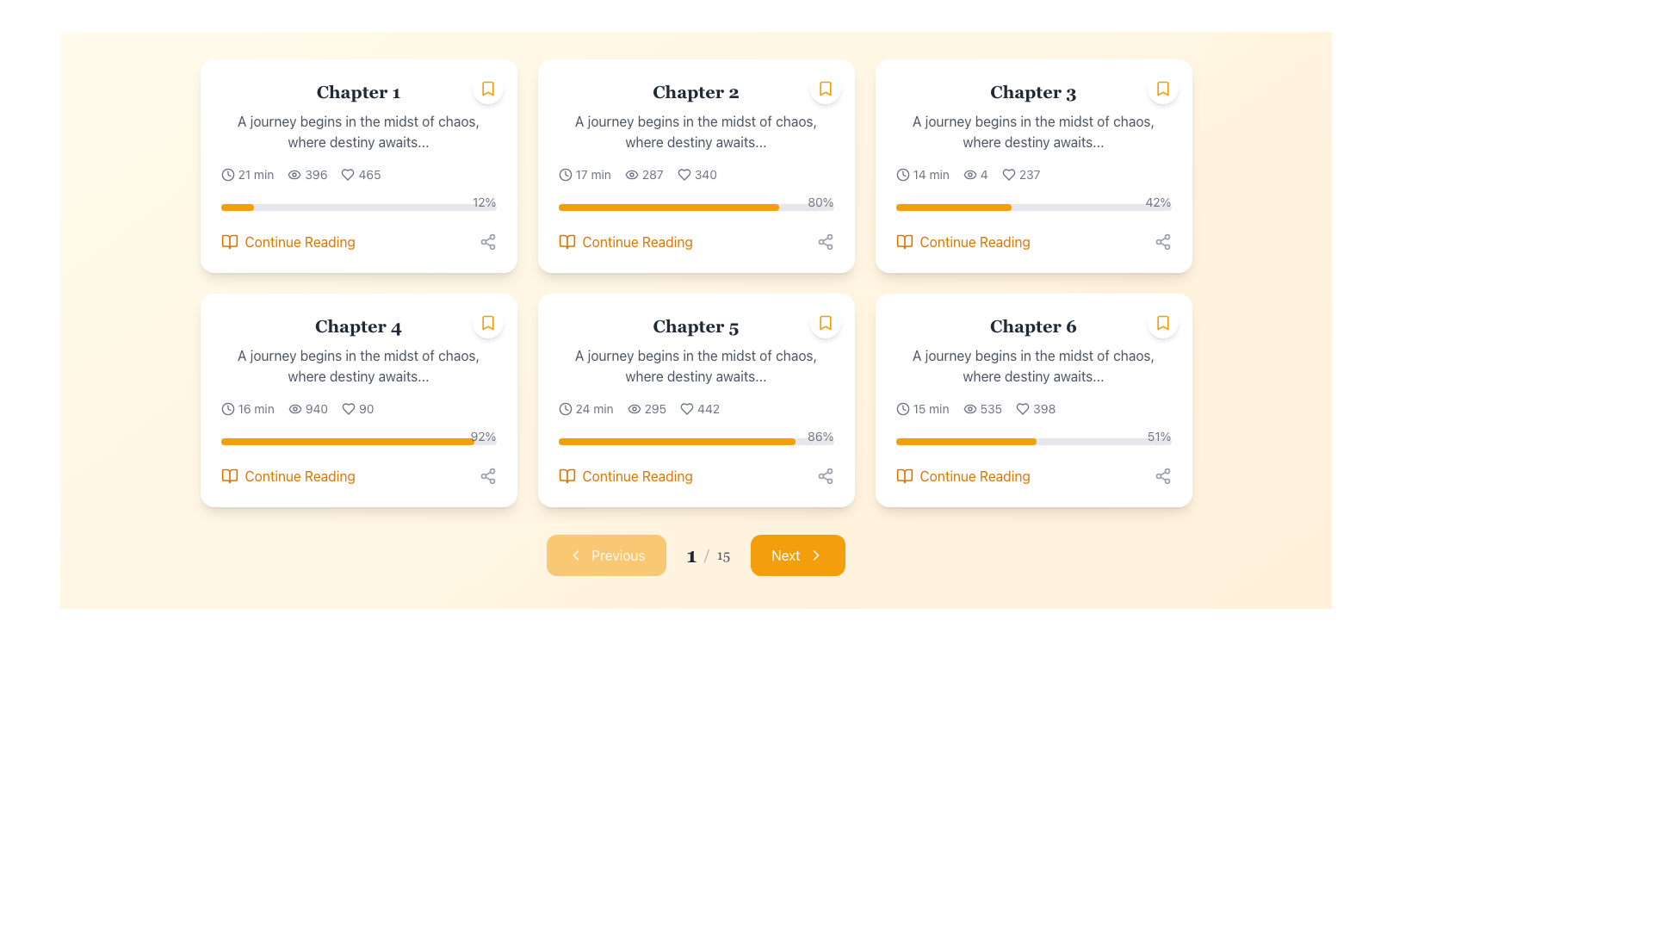 This screenshot has height=930, width=1653. I want to click on the slim horizontal progress bar with a gray background and amber filled section located below the details of 'Chapter 4.', so click(357, 441).